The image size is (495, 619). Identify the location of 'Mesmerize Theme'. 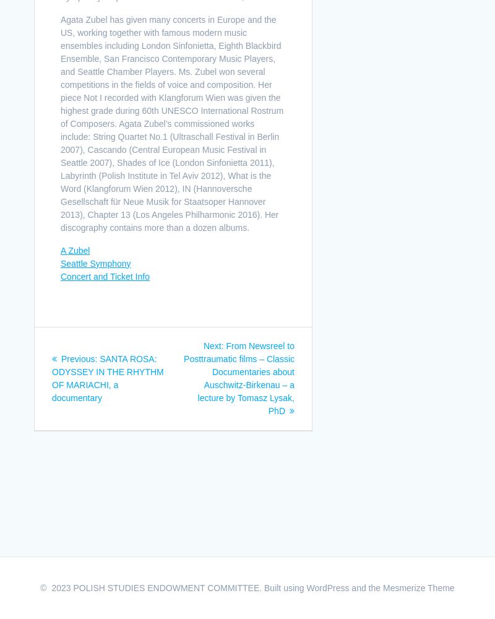
(418, 587).